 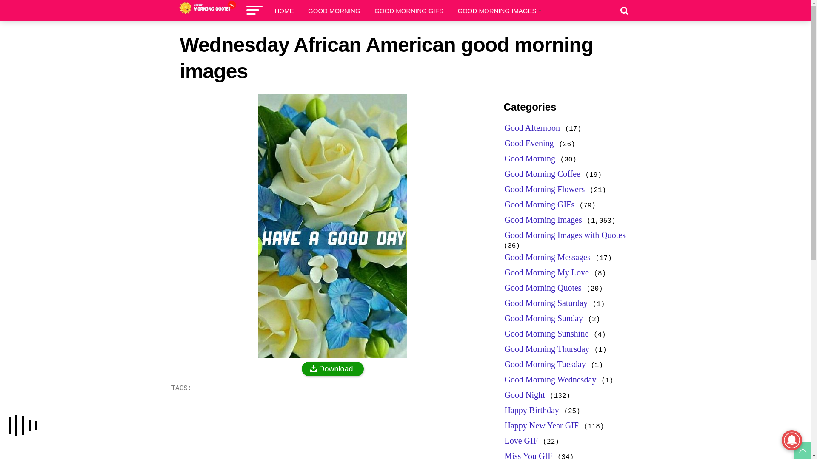 I want to click on 'Good Morning GIFs', so click(x=539, y=204).